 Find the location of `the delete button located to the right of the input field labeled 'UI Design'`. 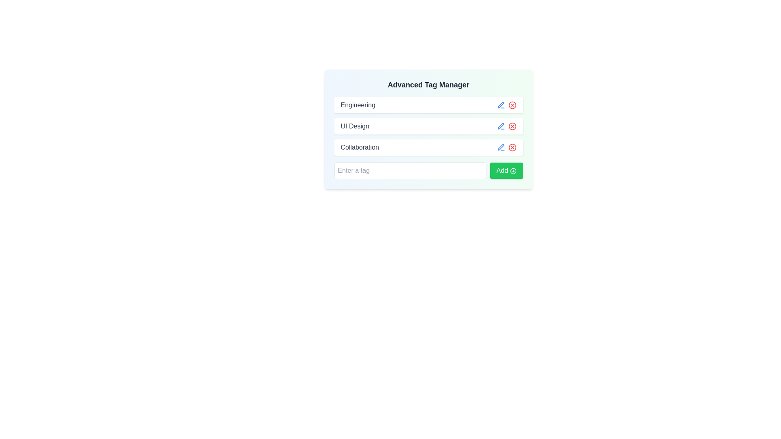

the delete button located to the right of the input field labeled 'UI Design' is located at coordinates (512, 126).